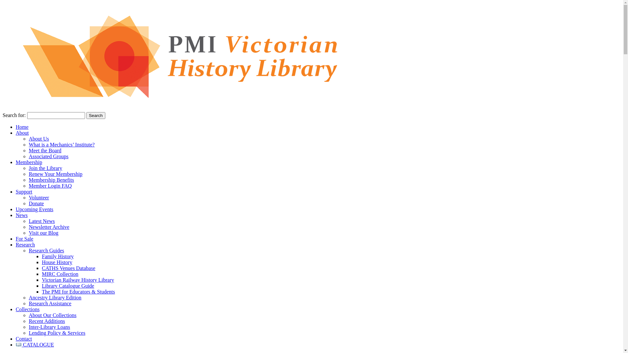 This screenshot has width=628, height=353. I want to click on 'Meet the Board', so click(28, 150).